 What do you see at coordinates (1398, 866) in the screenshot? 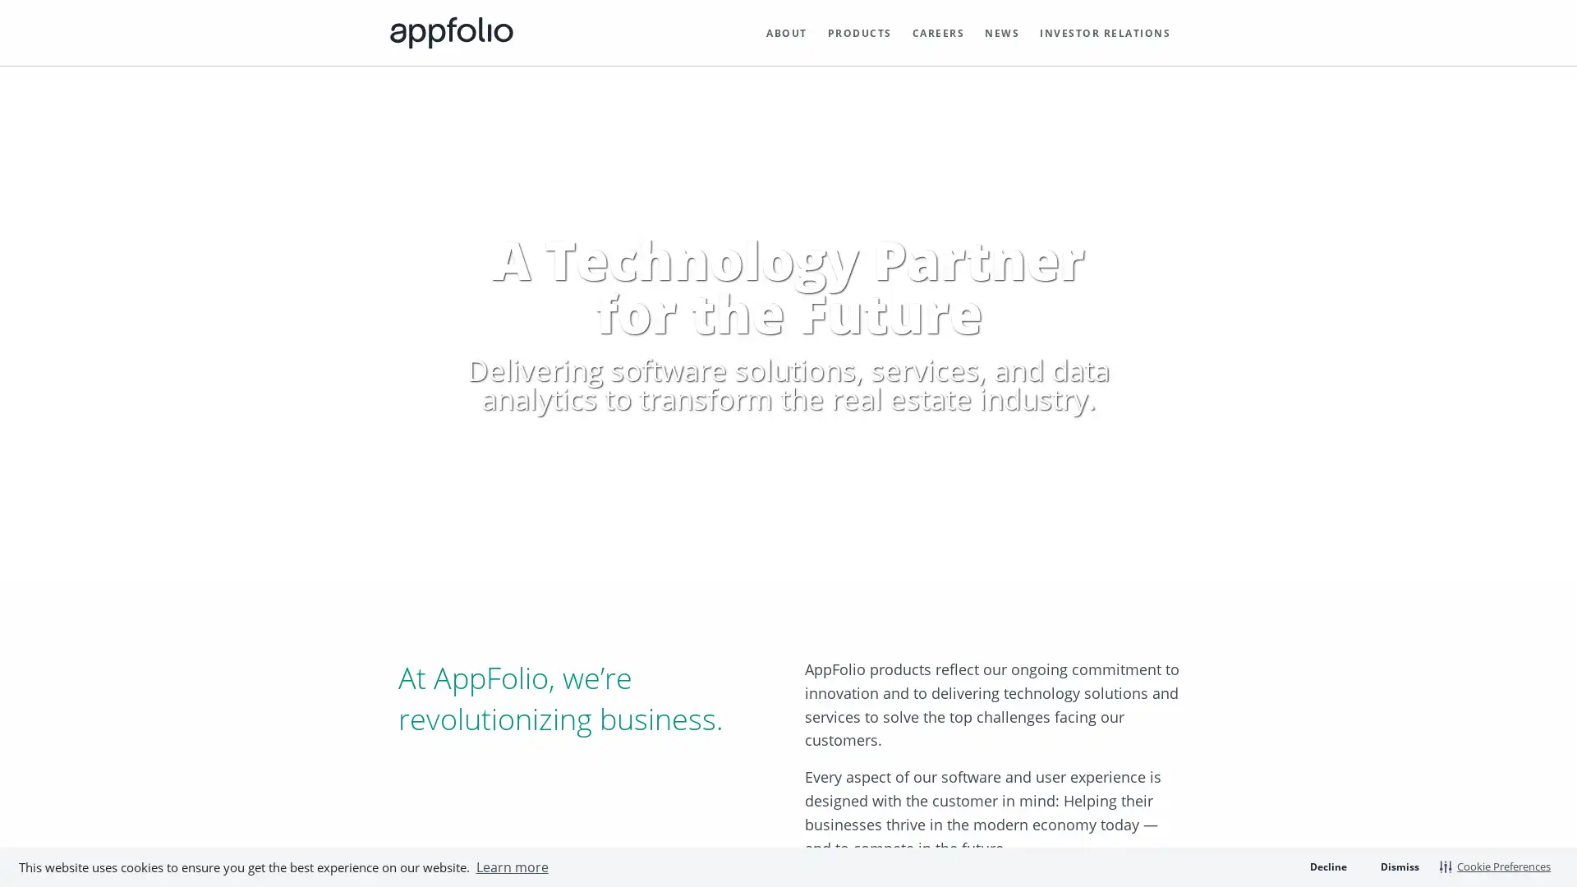
I see `dismiss cookie message` at bounding box center [1398, 866].